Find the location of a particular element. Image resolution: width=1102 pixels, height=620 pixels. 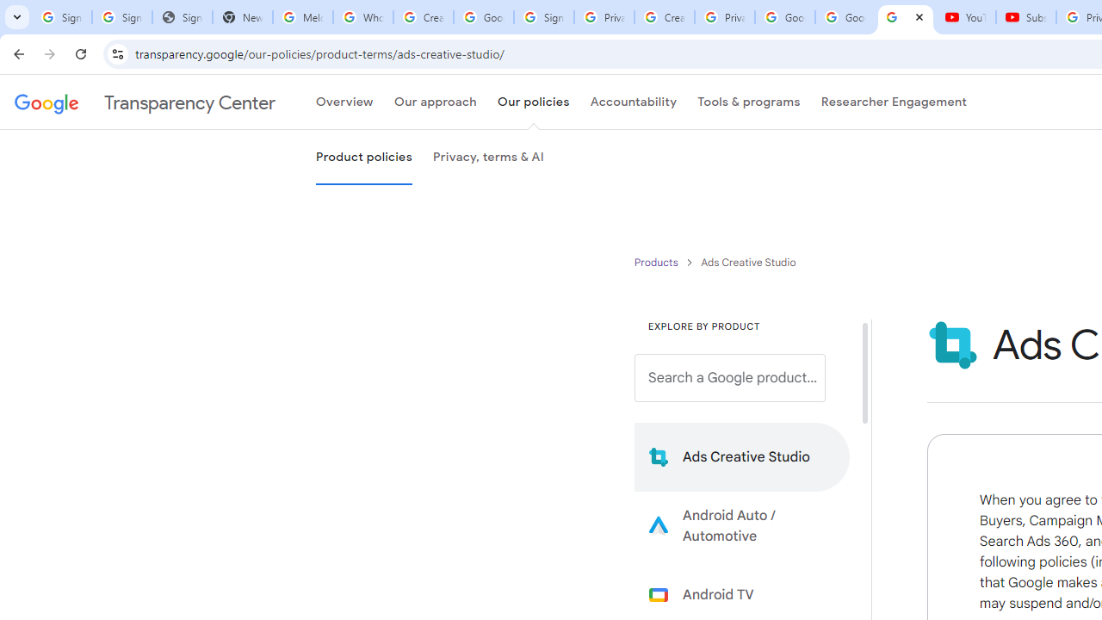

'YouTube' is located at coordinates (965, 17).